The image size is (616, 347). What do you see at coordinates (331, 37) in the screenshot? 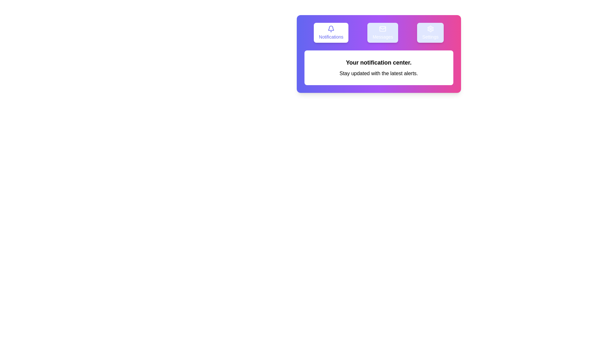
I see `the 'Notifications' label, which is located under the bell icon in the 'Notifications' button, the first button on the left in a row of three buttons at the top of the panel` at bounding box center [331, 37].